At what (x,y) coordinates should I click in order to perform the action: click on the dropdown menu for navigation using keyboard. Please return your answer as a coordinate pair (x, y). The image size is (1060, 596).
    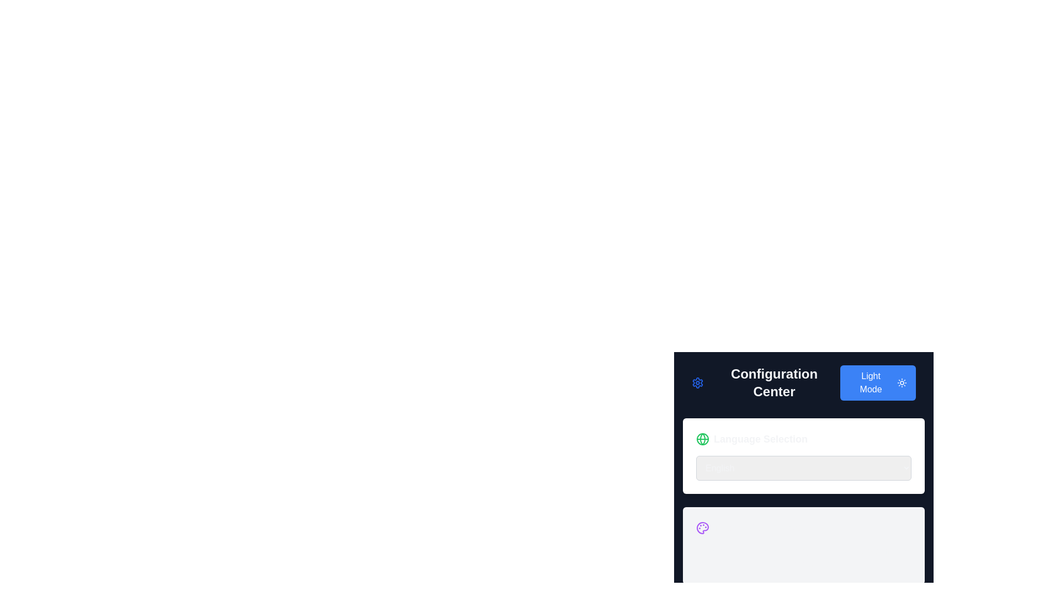
    Looking at the image, I should click on (803, 455).